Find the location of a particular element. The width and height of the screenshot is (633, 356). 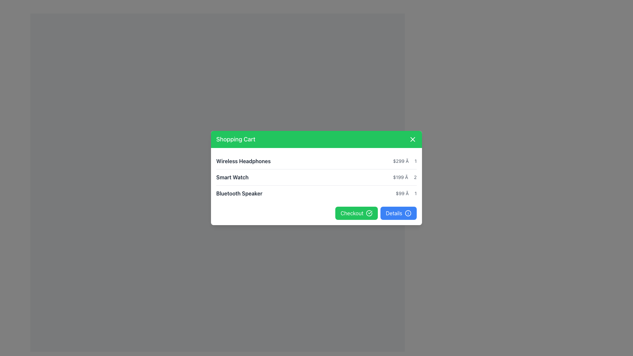

text label identifying the product in the shopping cart for 'Smart Watch $199 × 2' is located at coordinates (232, 177).